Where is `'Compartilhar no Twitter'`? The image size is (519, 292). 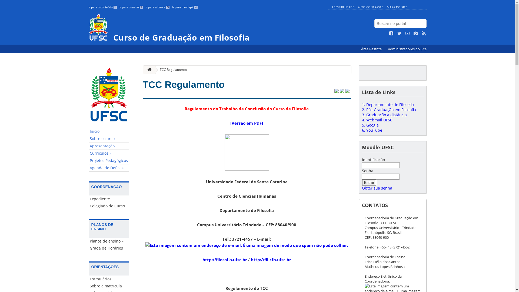
'Compartilhar no Twitter' is located at coordinates (336, 91).